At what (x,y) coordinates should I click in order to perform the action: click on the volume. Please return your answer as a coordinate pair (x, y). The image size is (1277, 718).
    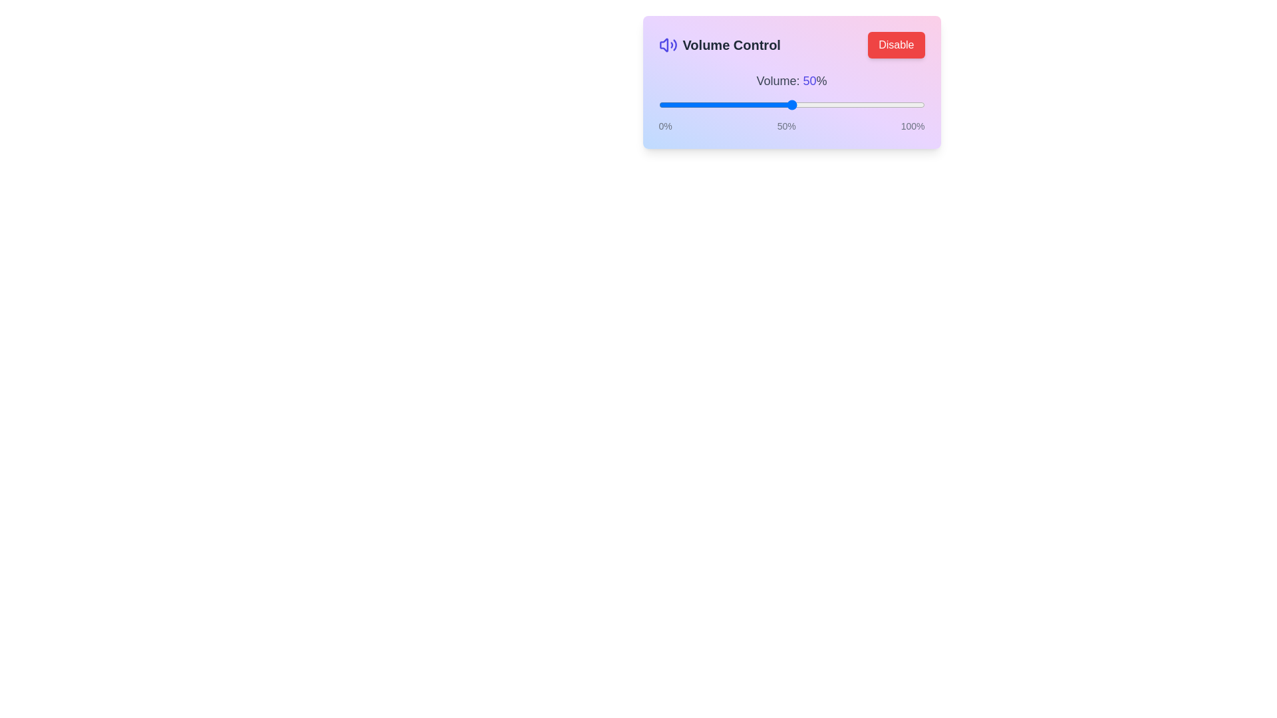
    Looking at the image, I should click on (711, 104).